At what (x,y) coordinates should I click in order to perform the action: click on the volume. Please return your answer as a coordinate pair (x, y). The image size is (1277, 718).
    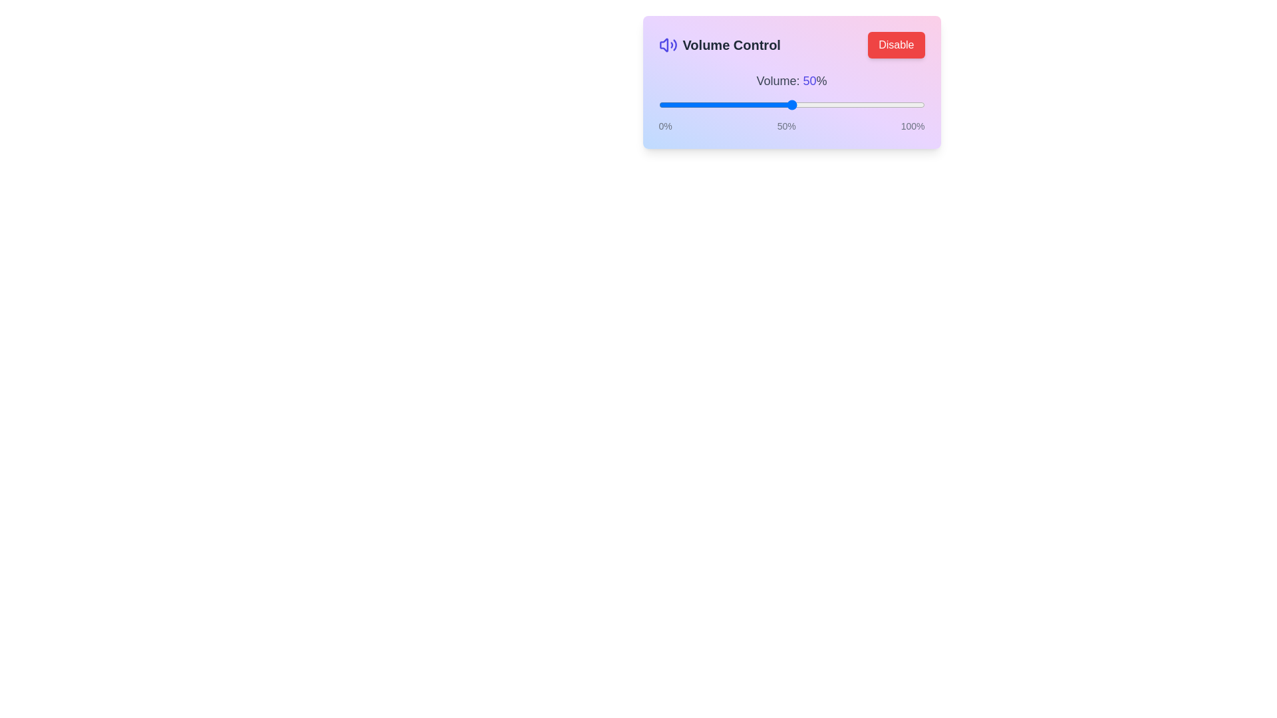
    Looking at the image, I should click on (711, 104).